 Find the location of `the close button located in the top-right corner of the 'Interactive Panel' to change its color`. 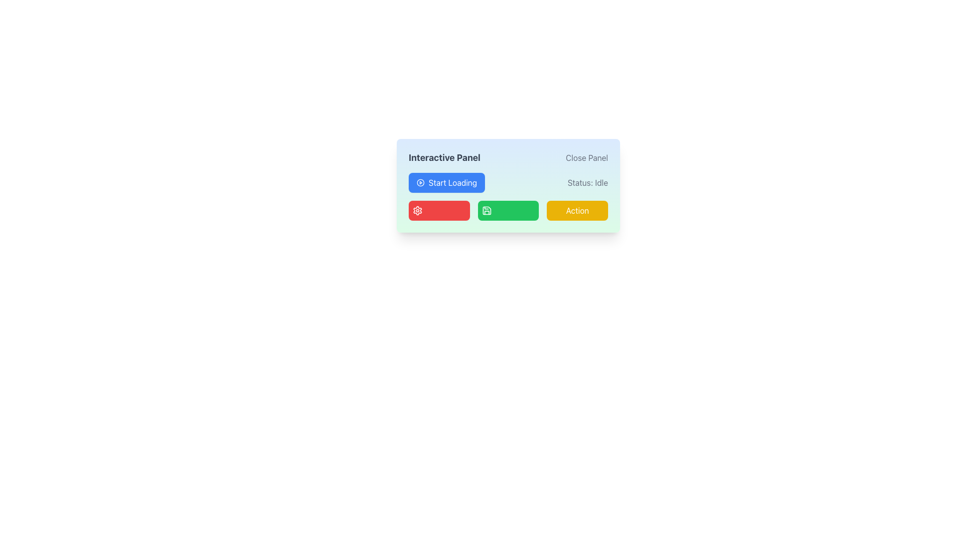

the close button located in the top-right corner of the 'Interactive Panel' to change its color is located at coordinates (587, 157).